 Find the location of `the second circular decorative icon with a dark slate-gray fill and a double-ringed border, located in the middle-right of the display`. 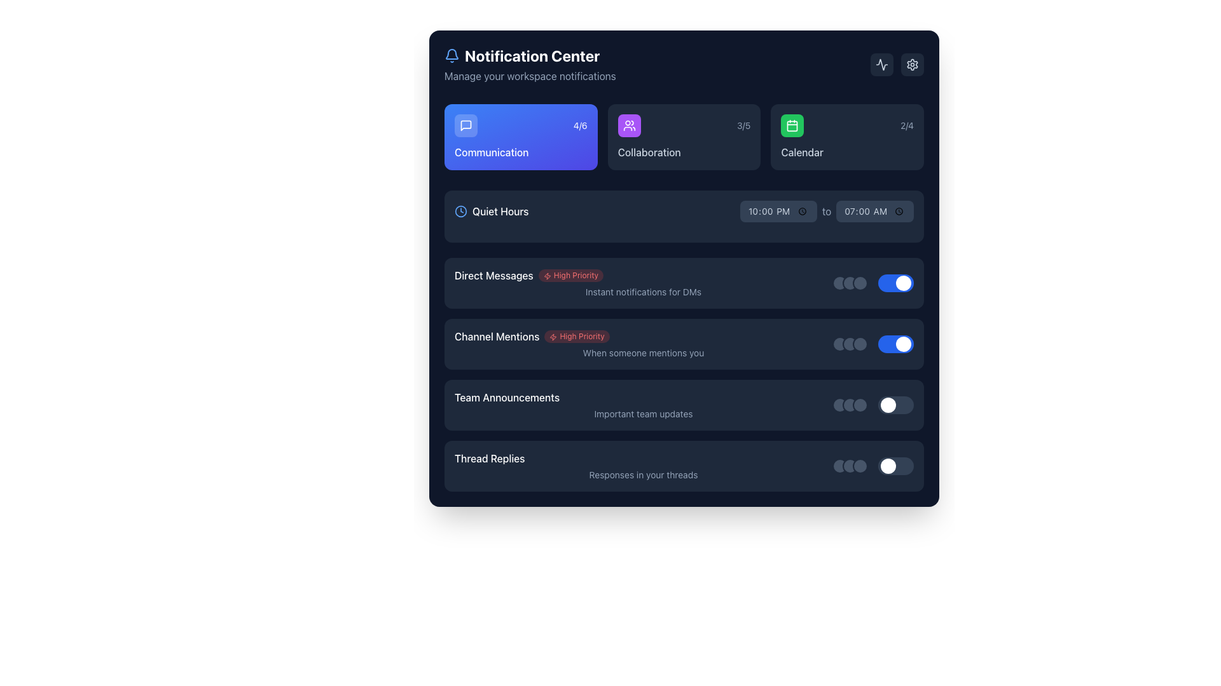

the second circular decorative icon with a dark slate-gray fill and a double-ringed border, located in the middle-right of the display is located at coordinates (850, 405).